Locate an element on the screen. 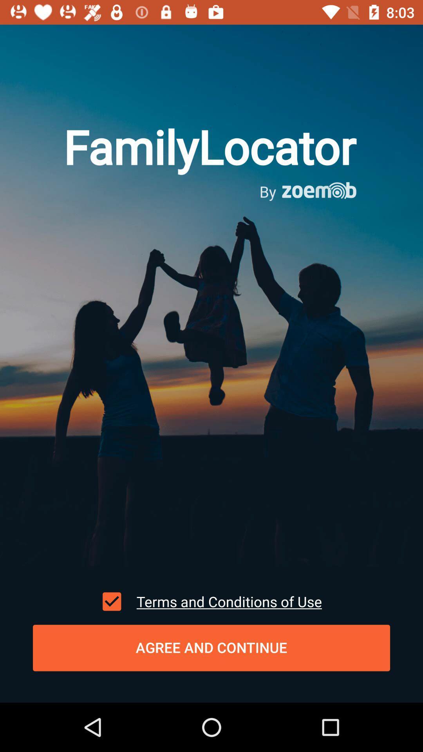 This screenshot has height=752, width=423. item at the bottom left corner is located at coordinates (112, 601).